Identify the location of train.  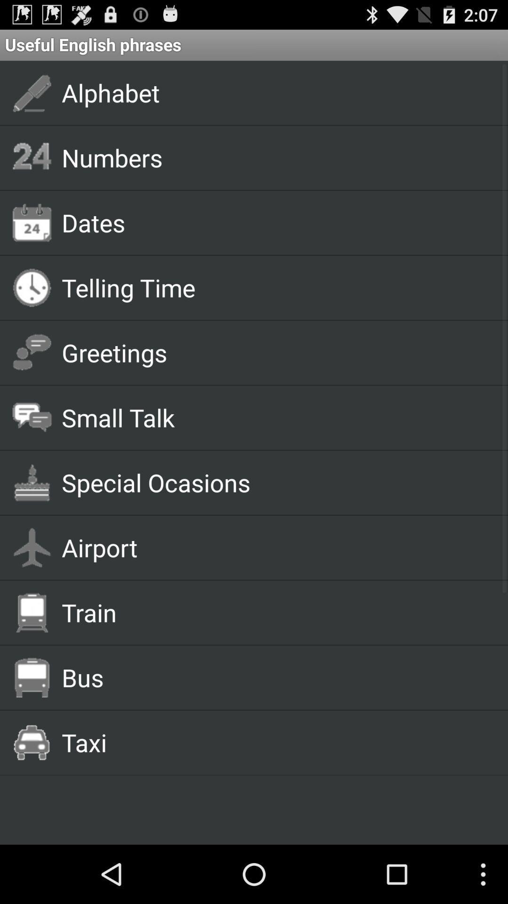
(274, 612).